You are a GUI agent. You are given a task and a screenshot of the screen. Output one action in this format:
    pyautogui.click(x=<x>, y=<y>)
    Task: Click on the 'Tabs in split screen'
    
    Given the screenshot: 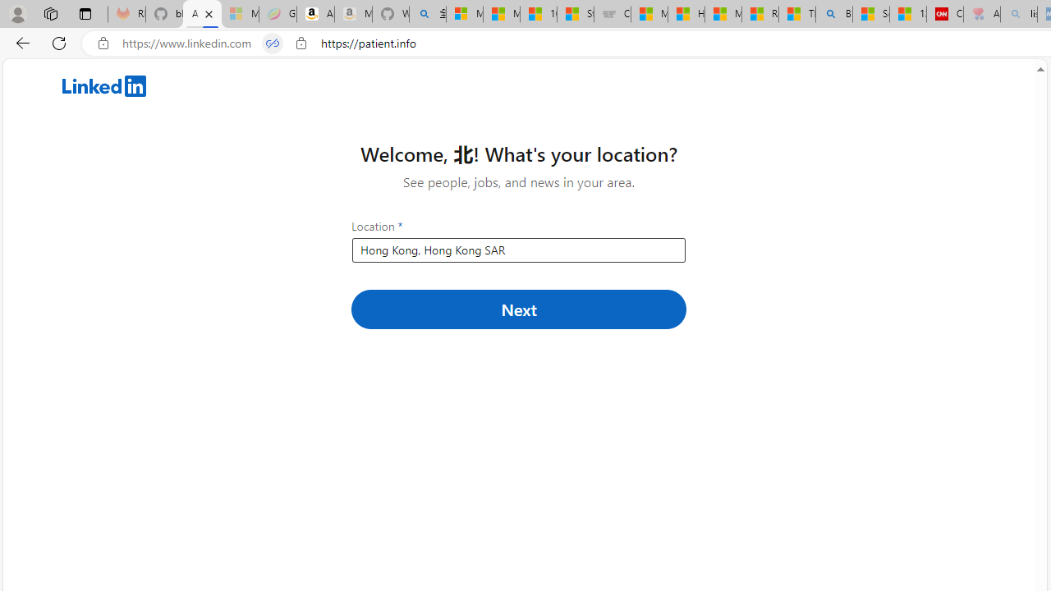 What is the action you would take?
    pyautogui.click(x=273, y=43)
    